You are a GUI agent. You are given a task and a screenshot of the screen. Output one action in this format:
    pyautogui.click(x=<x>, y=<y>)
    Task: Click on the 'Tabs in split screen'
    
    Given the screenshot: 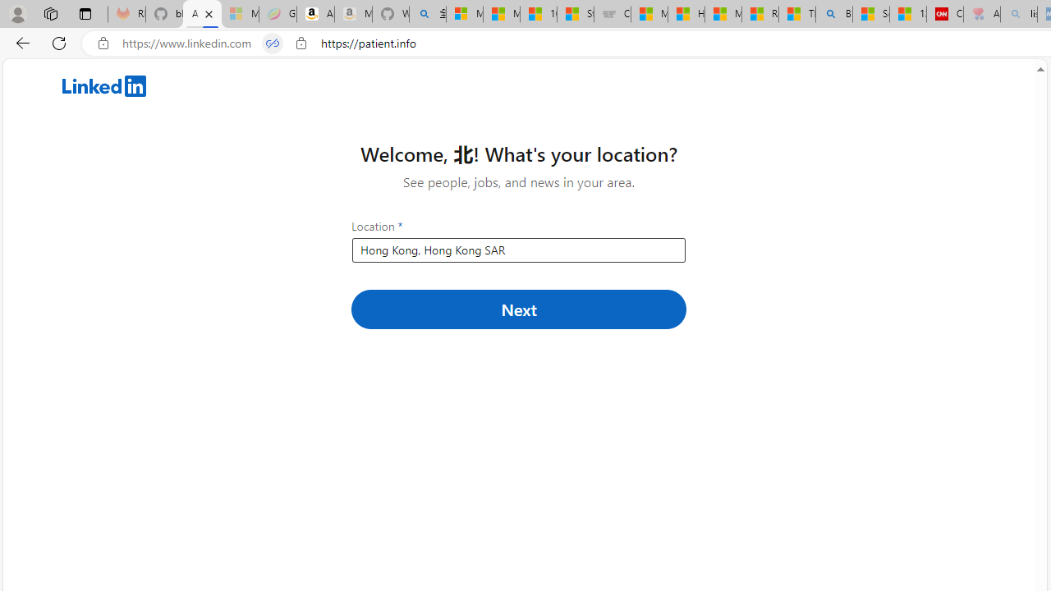 What is the action you would take?
    pyautogui.click(x=273, y=43)
    